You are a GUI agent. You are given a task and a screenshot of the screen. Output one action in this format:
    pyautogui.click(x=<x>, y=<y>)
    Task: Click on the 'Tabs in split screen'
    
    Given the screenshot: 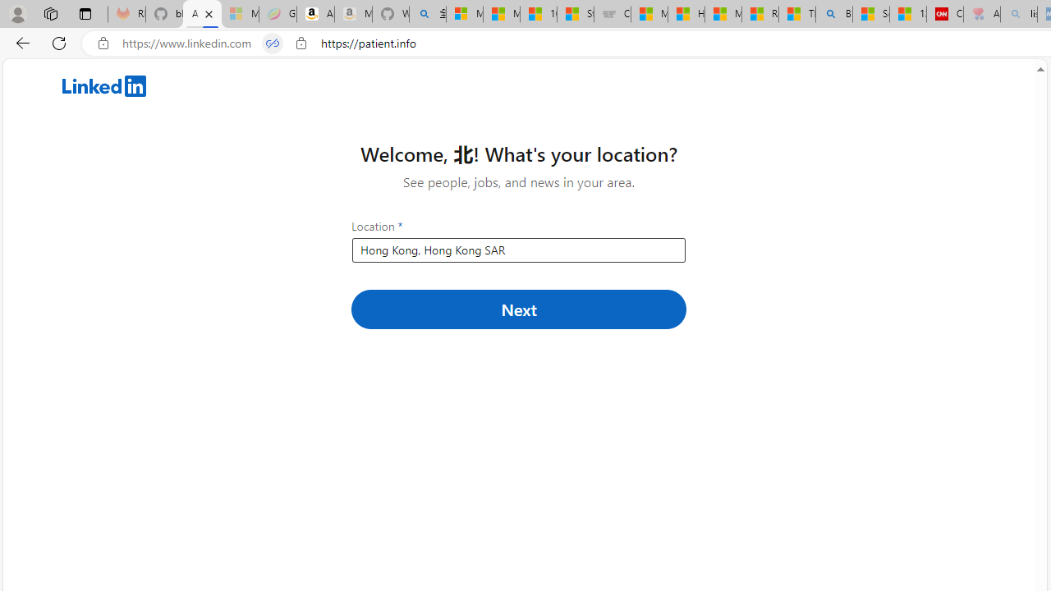 What is the action you would take?
    pyautogui.click(x=273, y=43)
    